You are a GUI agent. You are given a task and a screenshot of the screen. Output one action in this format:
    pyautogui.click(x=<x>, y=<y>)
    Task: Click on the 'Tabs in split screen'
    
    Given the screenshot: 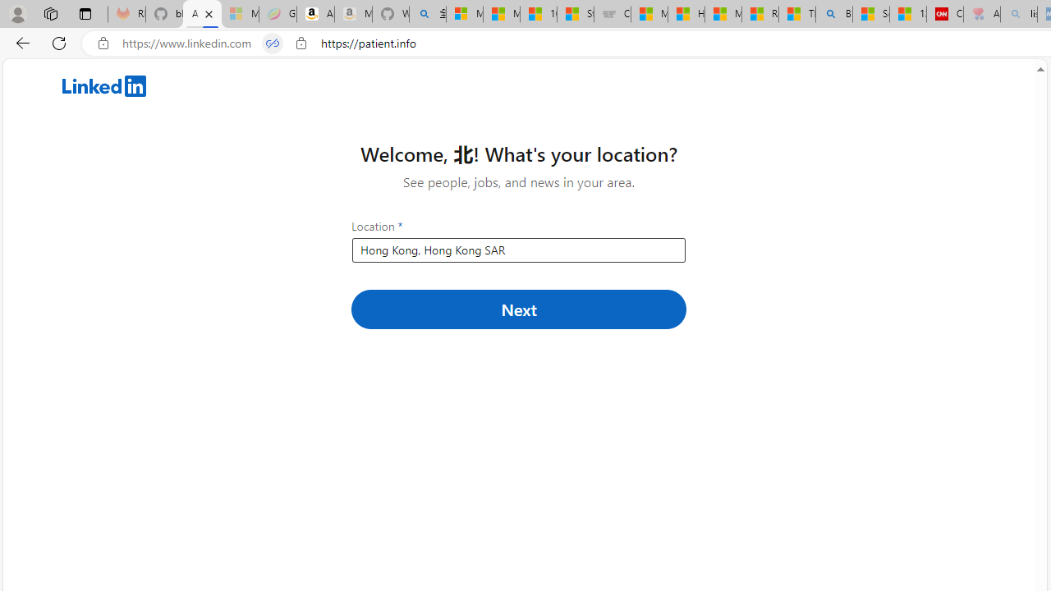 What is the action you would take?
    pyautogui.click(x=273, y=43)
    